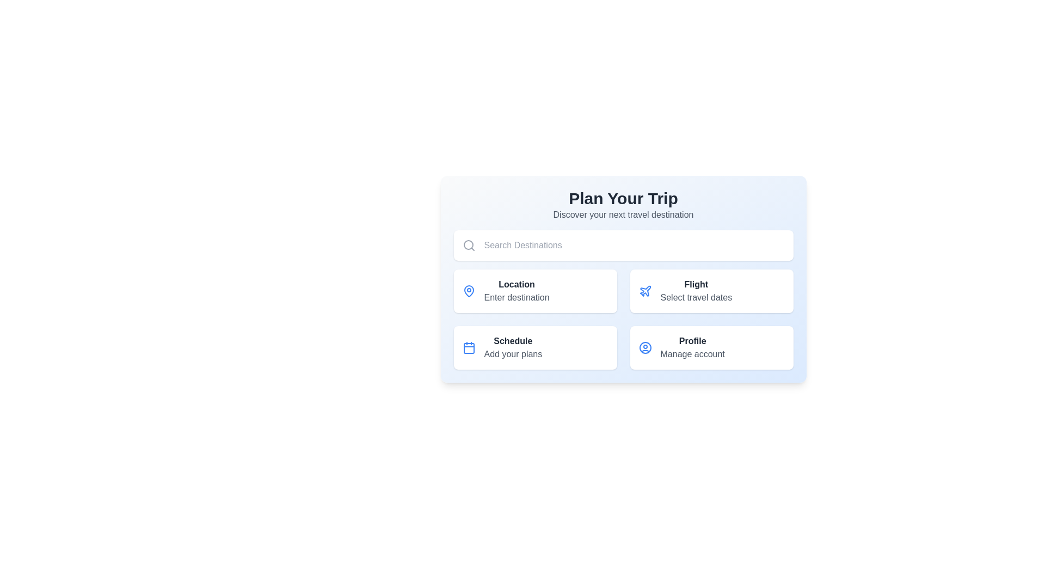 The image size is (1045, 588). What do you see at coordinates (516, 284) in the screenshot?
I see `Text label that serves as a heading for location input, which is located in the top-left quadrant of the grid, above the sub-text 'Enter destination'` at bounding box center [516, 284].